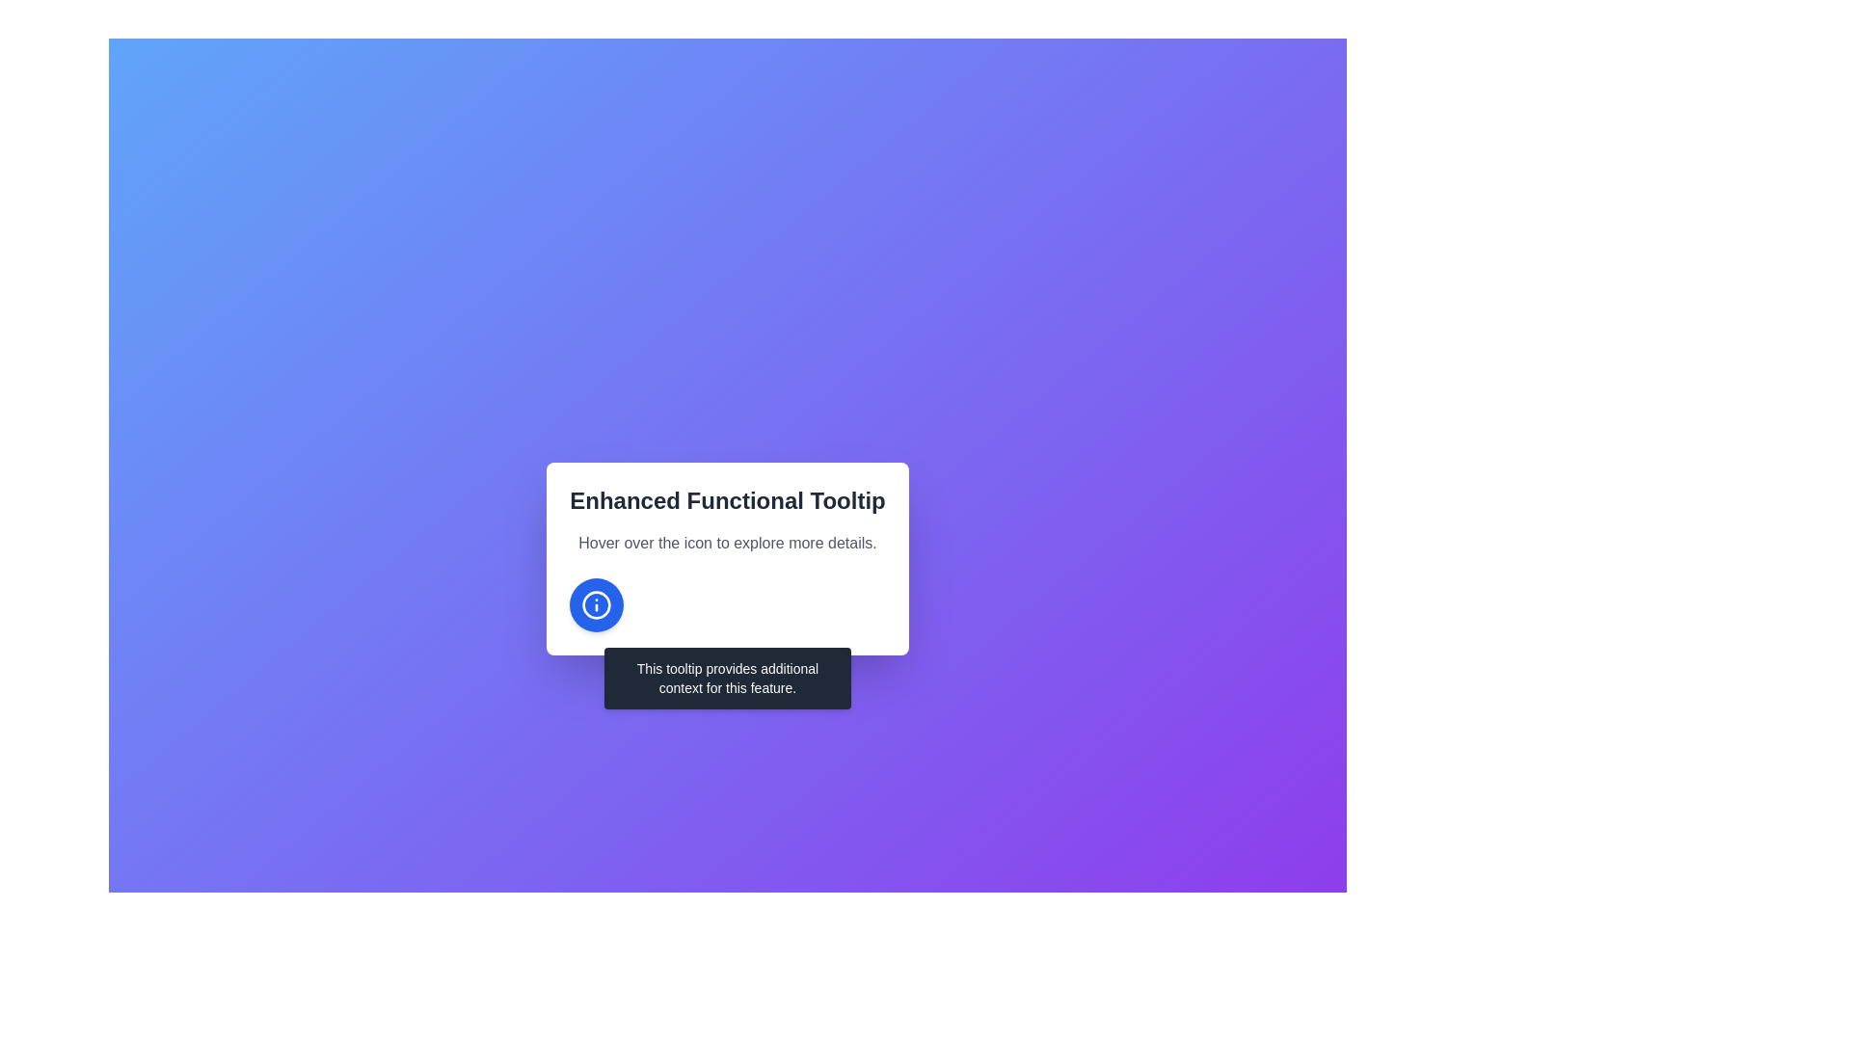 The image size is (1851, 1041). Describe the element at coordinates (596, 604) in the screenshot. I see `the interactive informational icon (SVG) located at the bottom-left corner of the white tooltip box` at that location.